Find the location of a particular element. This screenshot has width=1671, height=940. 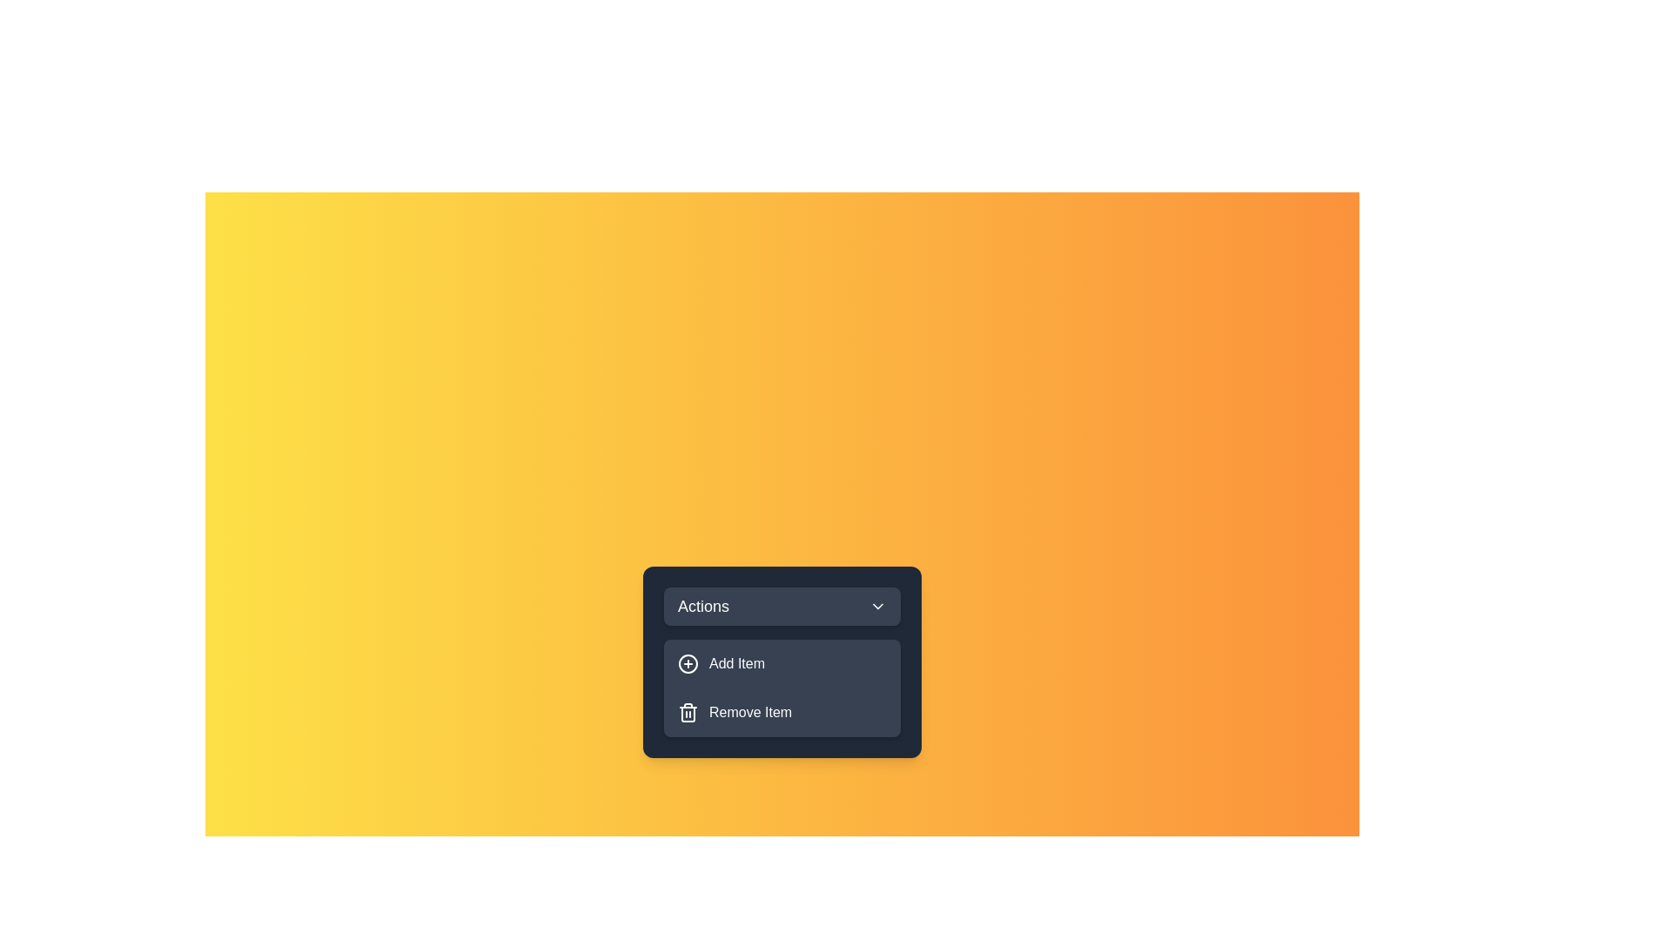

the 'Remove Item' option in the menu is located at coordinates (781, 712).